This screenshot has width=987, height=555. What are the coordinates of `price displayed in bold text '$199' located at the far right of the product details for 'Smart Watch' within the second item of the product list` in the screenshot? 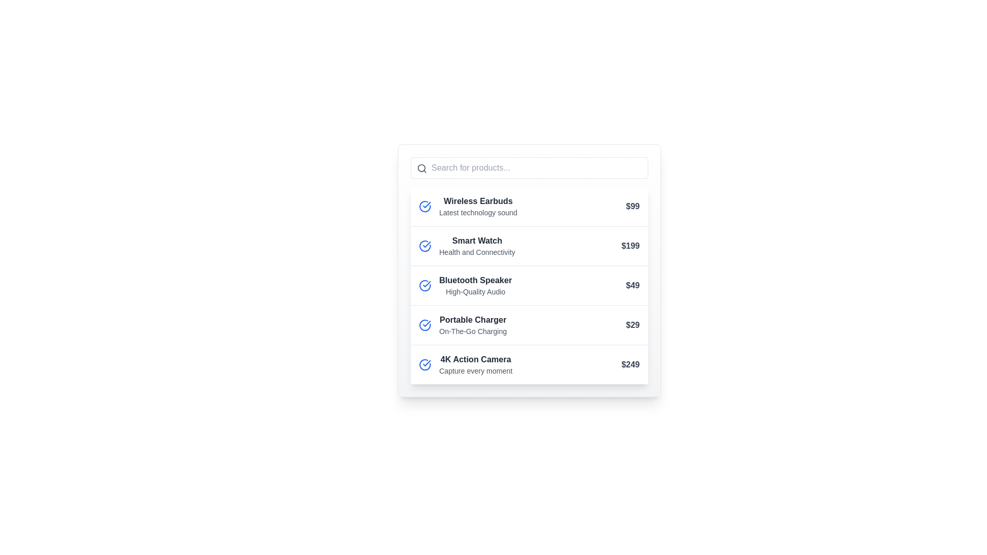 It's located at (630, 246).